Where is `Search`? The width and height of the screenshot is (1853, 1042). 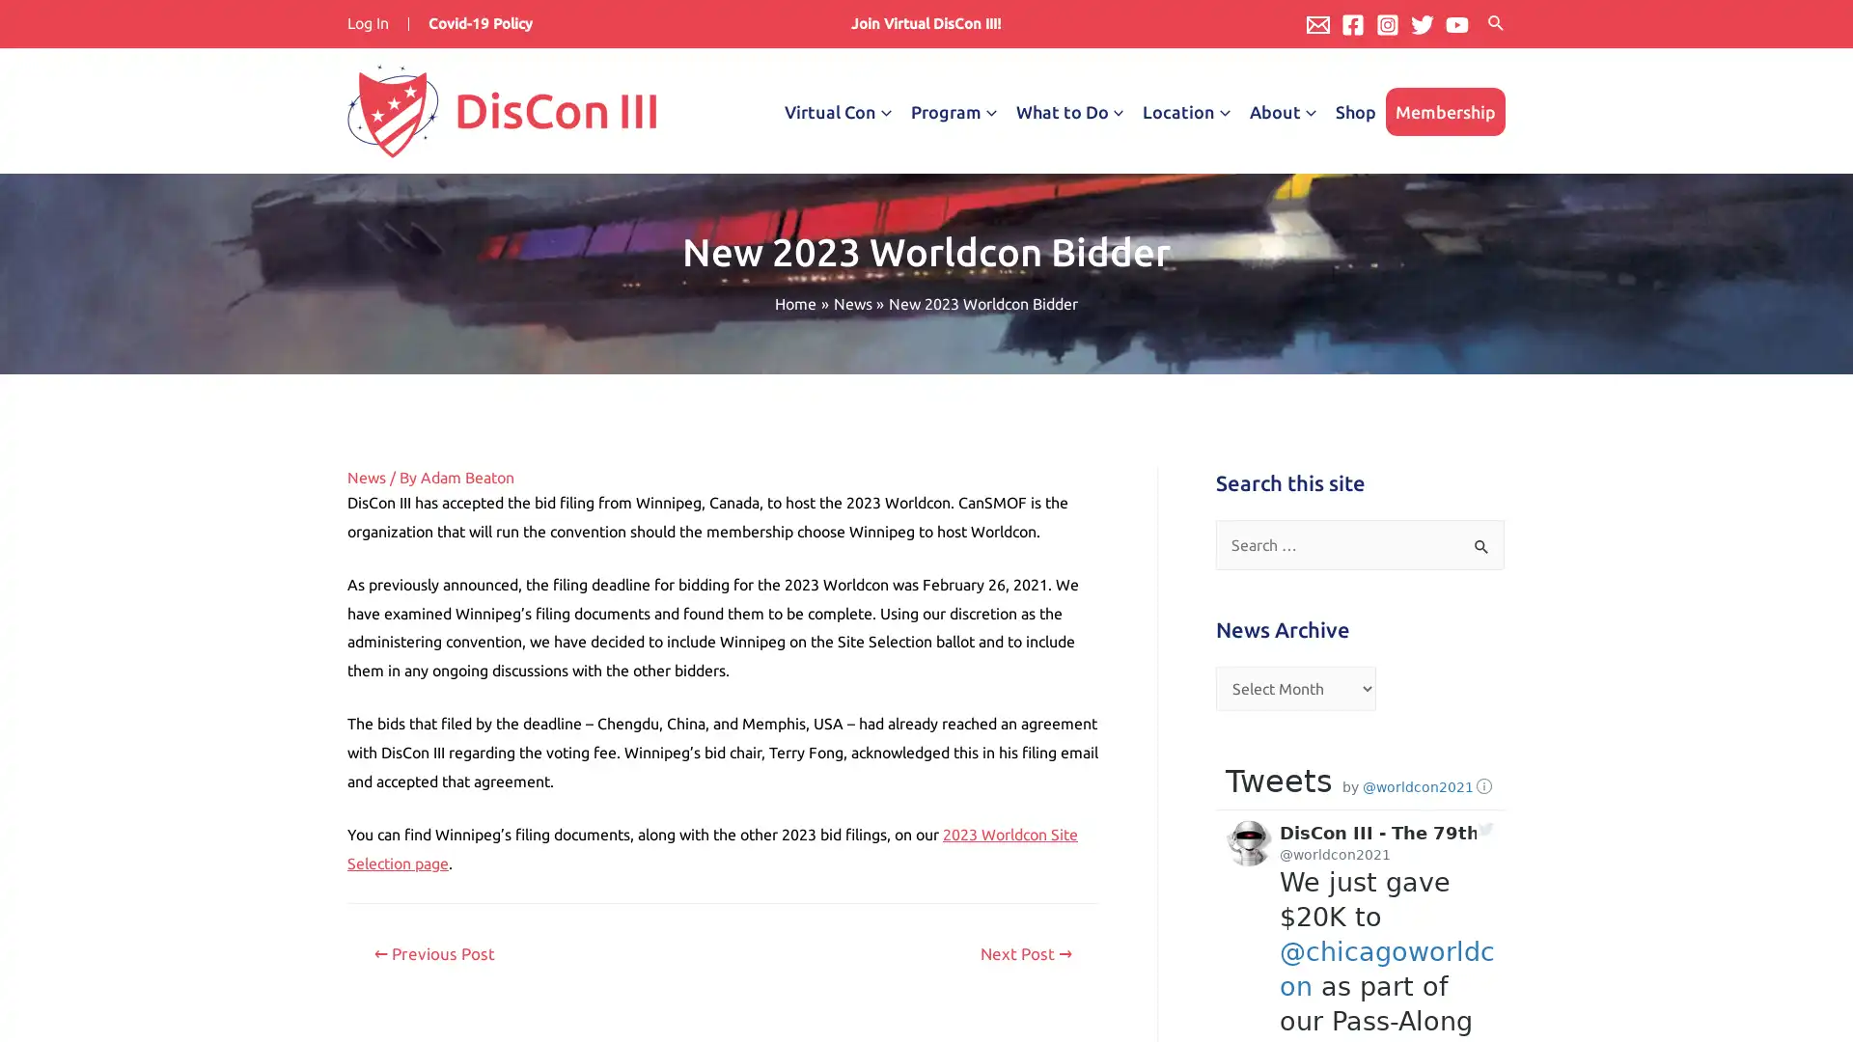
Search is located at coordinates (1481, 539).